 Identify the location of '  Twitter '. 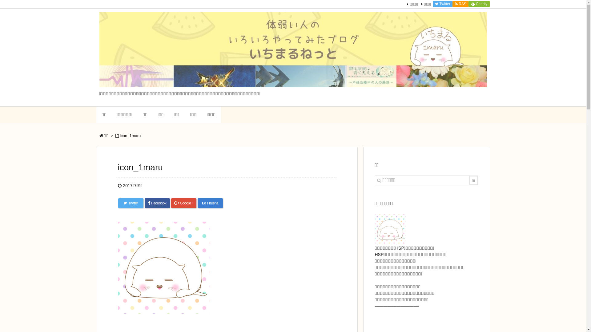
(442, 4).